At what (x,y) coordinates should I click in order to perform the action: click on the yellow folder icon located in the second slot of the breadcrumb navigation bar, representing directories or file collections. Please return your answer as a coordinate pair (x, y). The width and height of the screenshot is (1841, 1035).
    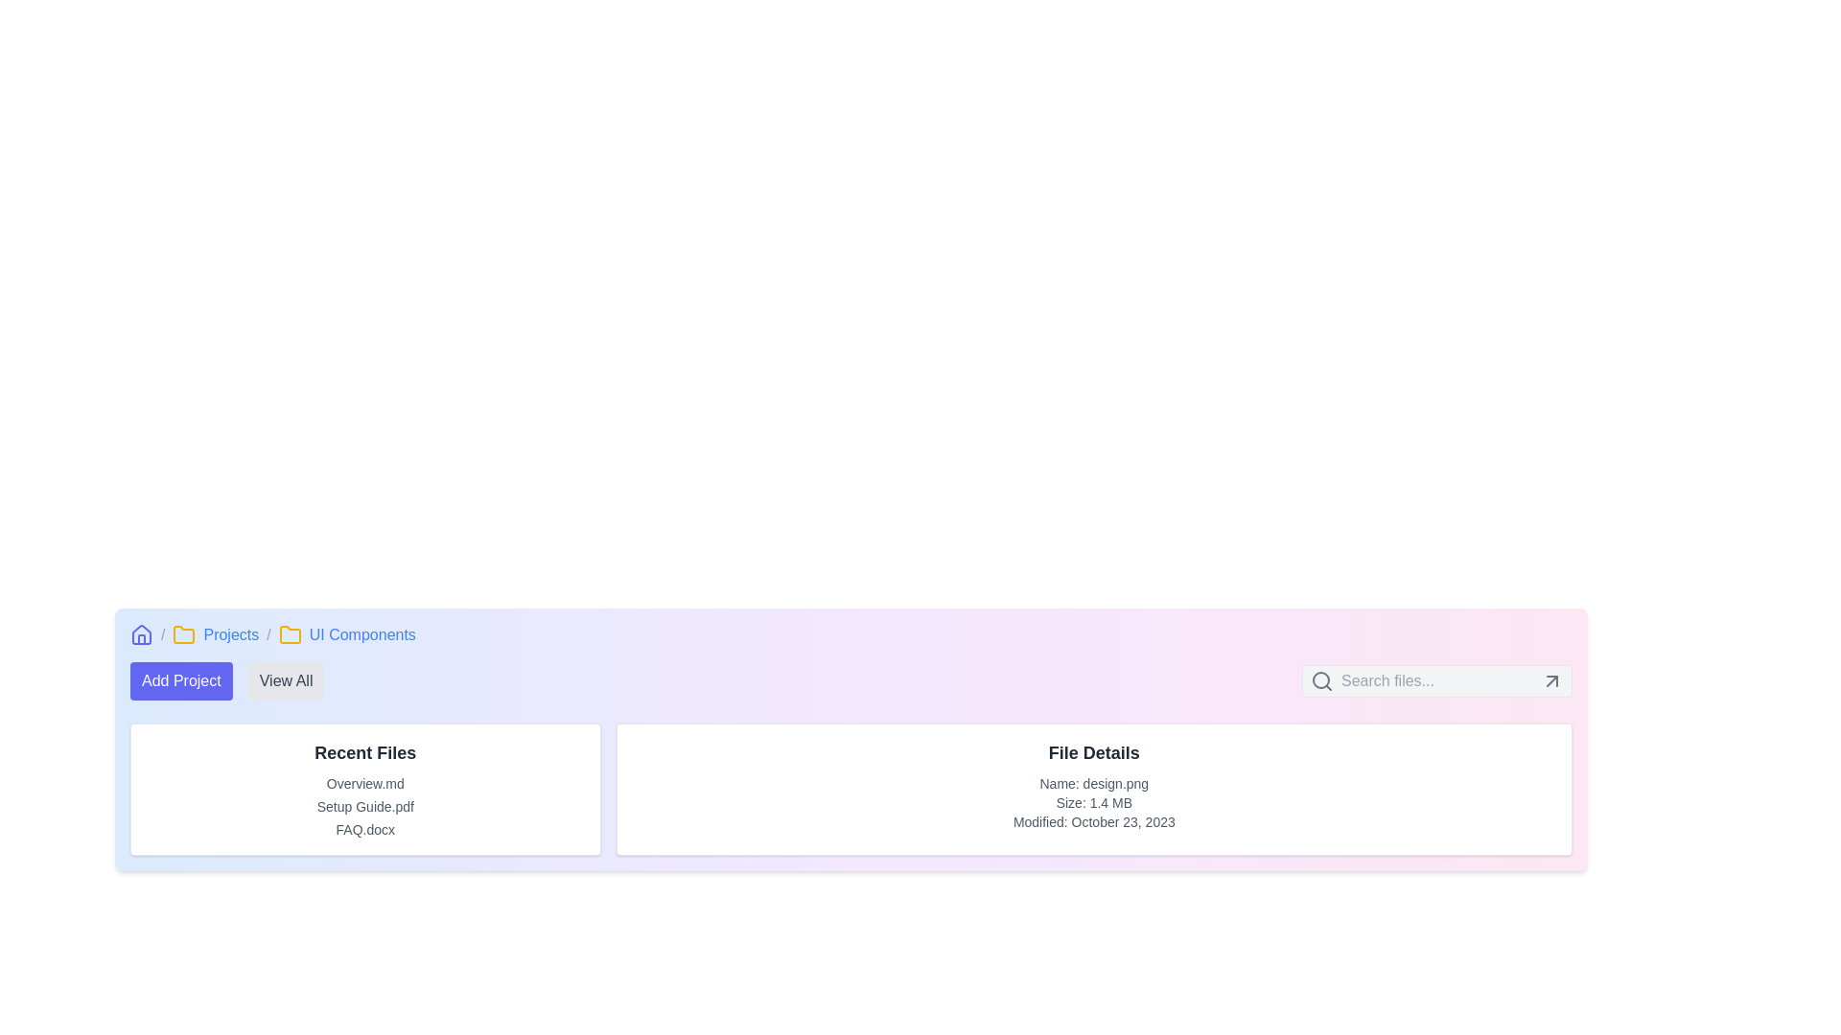
    Looking at the image, I should click on (289, 634).